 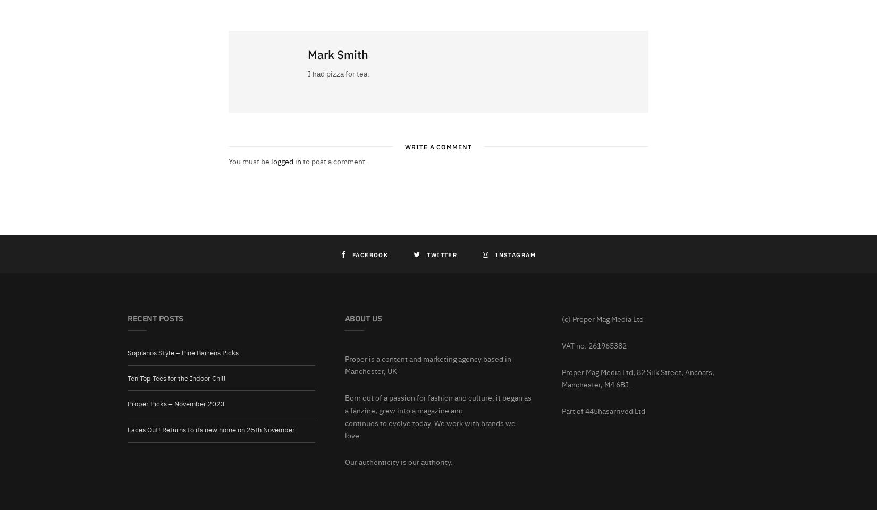 I want to click on 'Our authenticity is our authority.', so click(x=398, y=461).